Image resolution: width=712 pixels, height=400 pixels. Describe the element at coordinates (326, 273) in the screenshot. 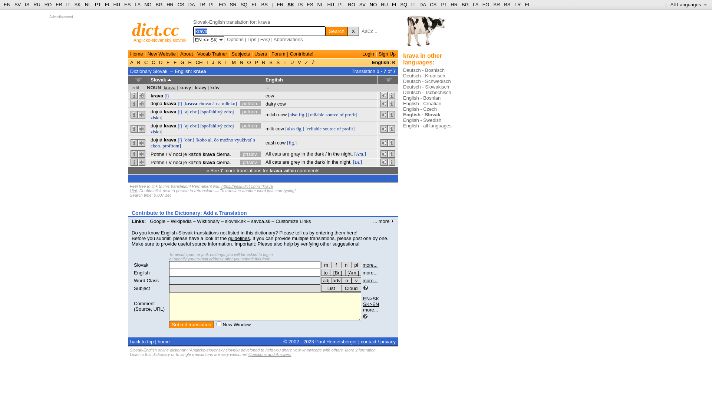

I see `'for verbs'` at that location.